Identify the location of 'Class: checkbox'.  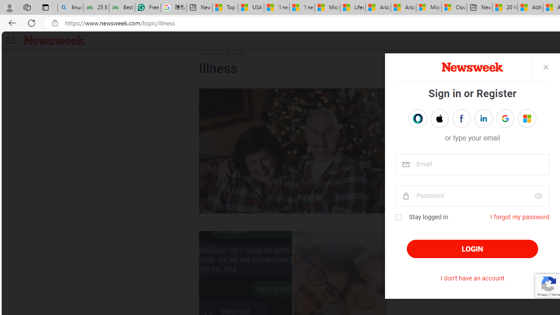
(398, 217).